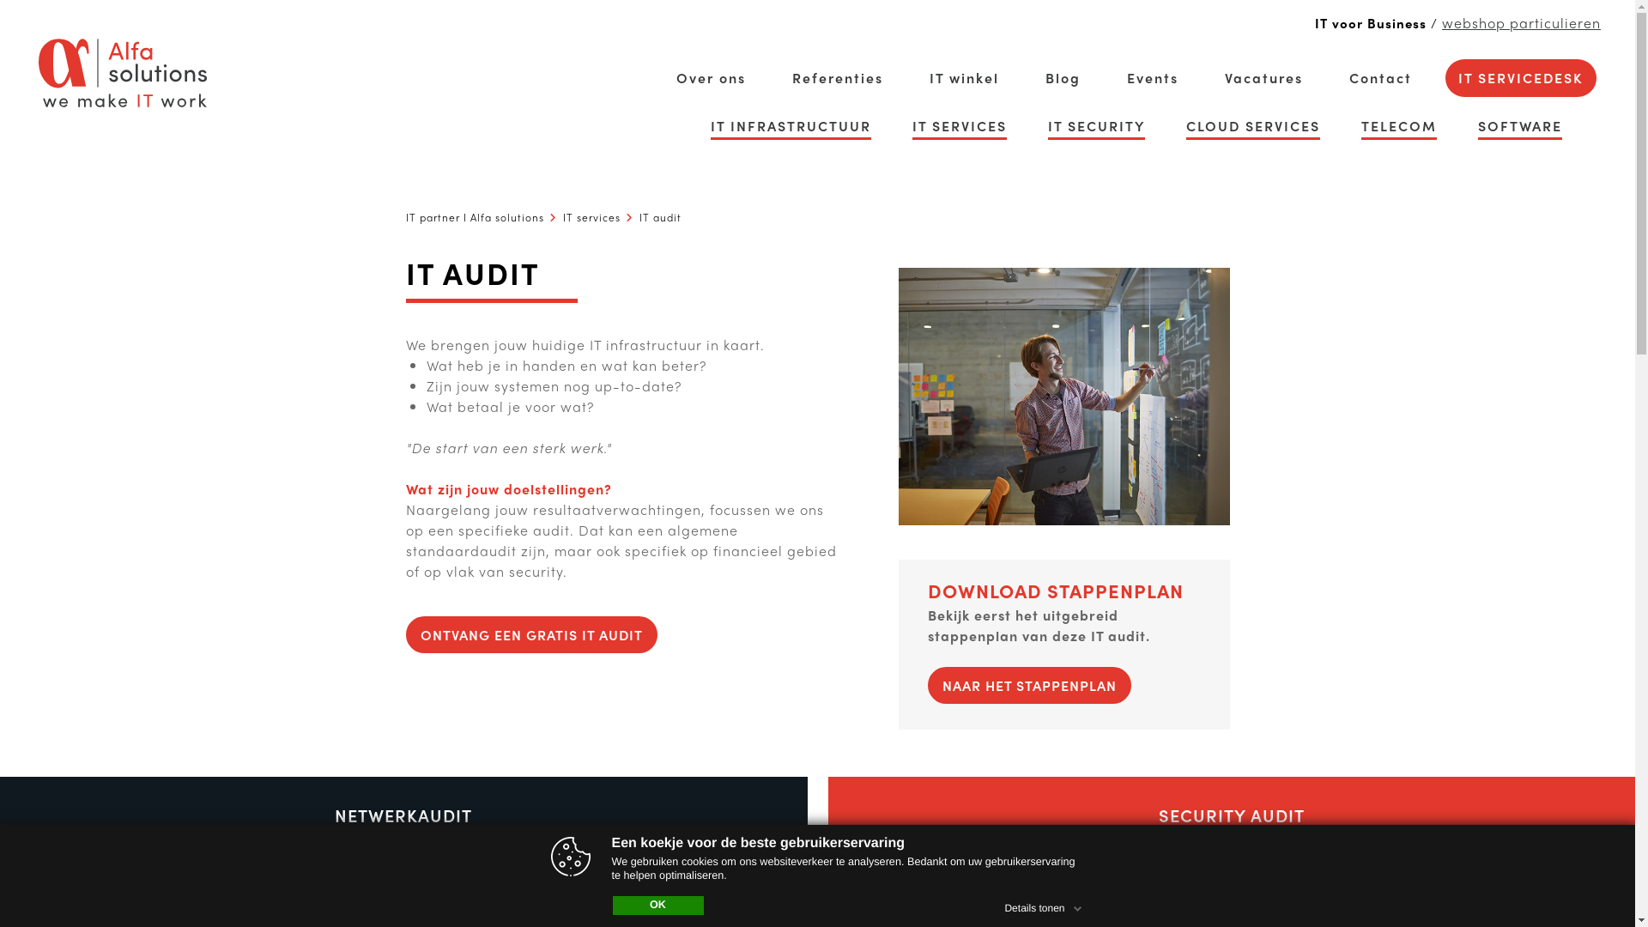 This screenshot has width=1648, height=927. Describe the element at coordinates (1457, 78) in the screenshot. I see `'IT SERVICEDESK'` at that location.